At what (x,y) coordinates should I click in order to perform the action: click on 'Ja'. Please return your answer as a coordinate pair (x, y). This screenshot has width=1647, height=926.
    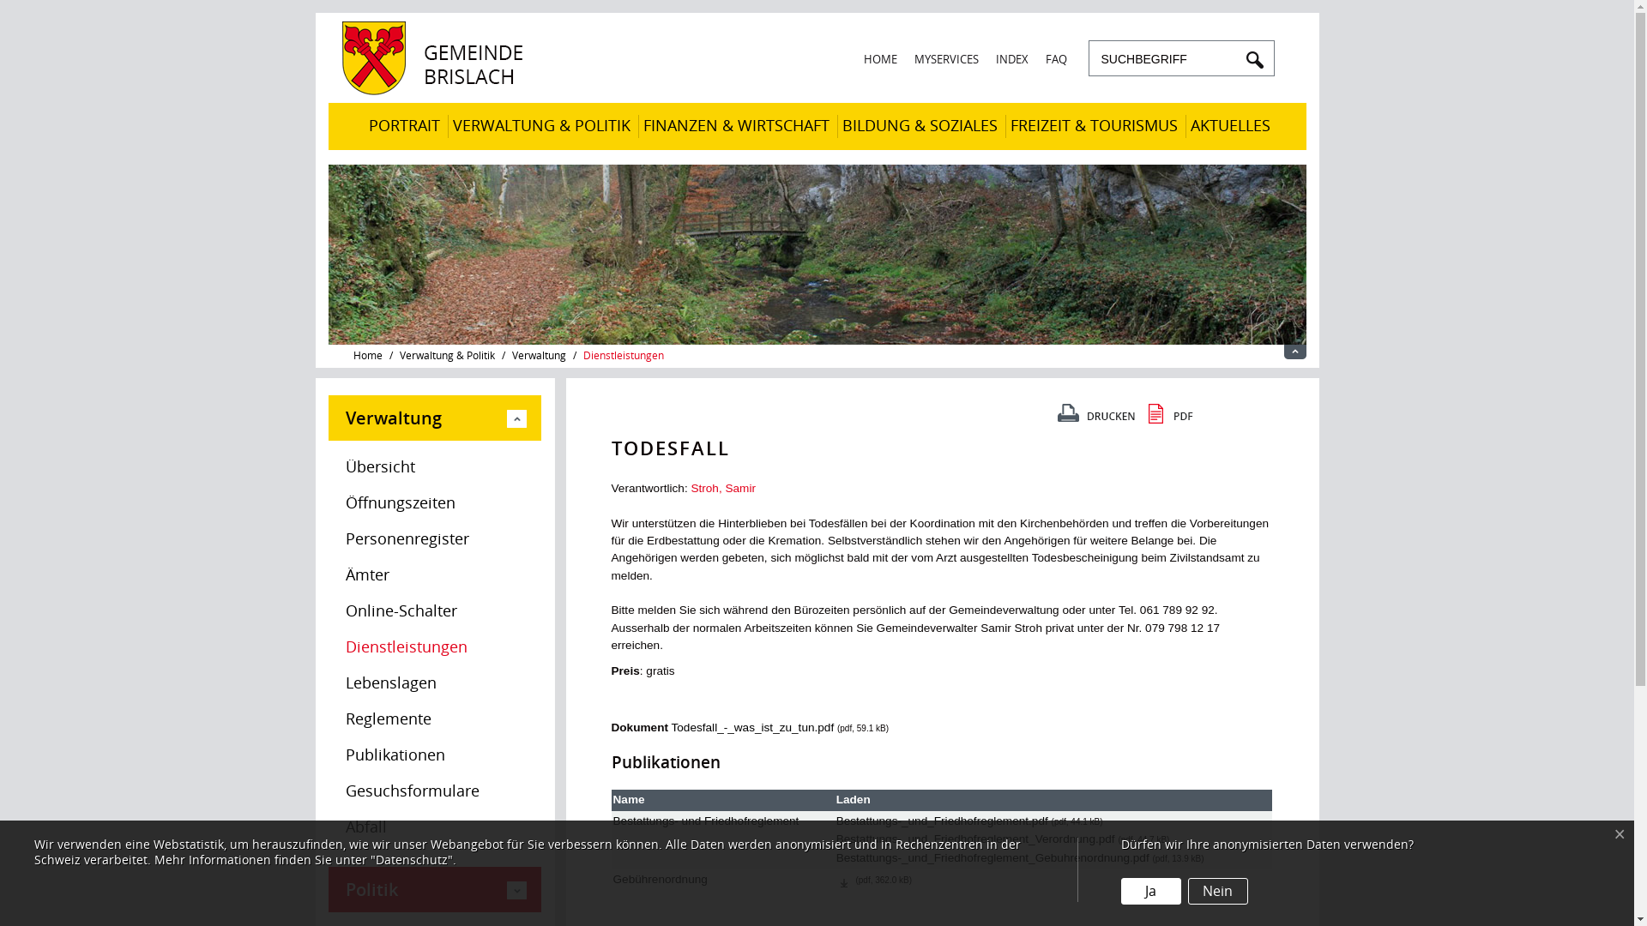
    Looking at the image, I should click on (1120, 890).